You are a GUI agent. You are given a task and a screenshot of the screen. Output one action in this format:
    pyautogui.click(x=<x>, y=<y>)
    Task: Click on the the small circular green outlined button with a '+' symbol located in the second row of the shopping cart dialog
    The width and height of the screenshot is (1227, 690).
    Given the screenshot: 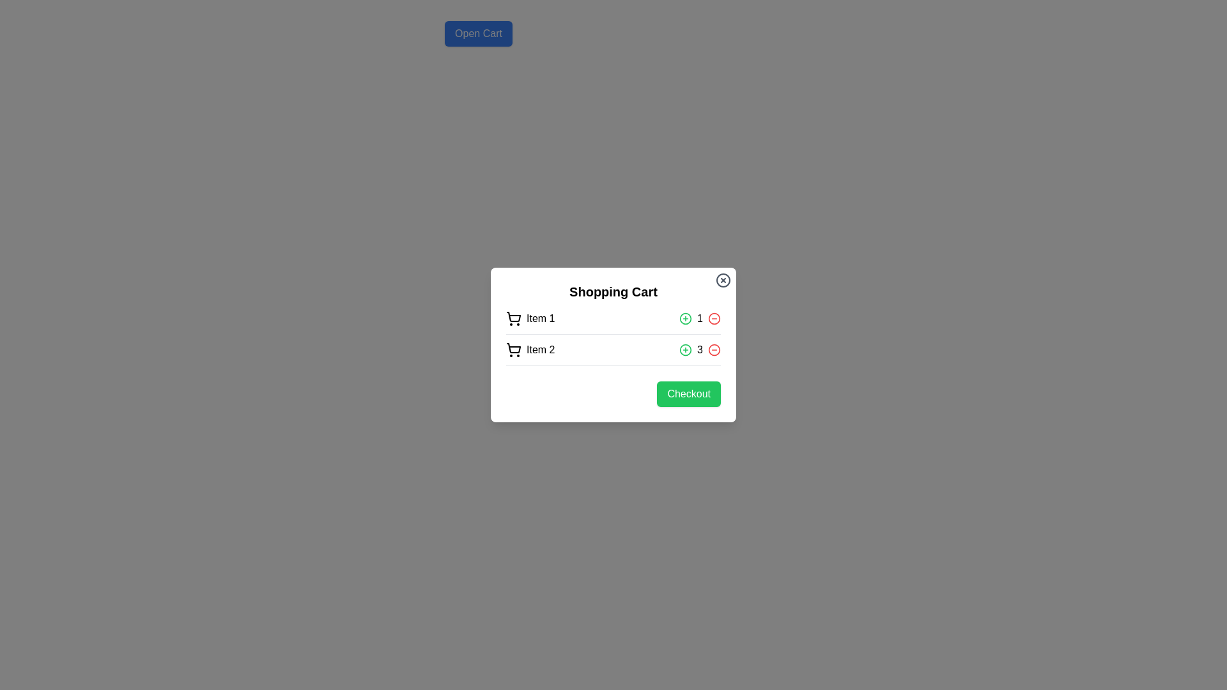 What is the action you would take?
    pyautogui.click(x=685, y=349)
    